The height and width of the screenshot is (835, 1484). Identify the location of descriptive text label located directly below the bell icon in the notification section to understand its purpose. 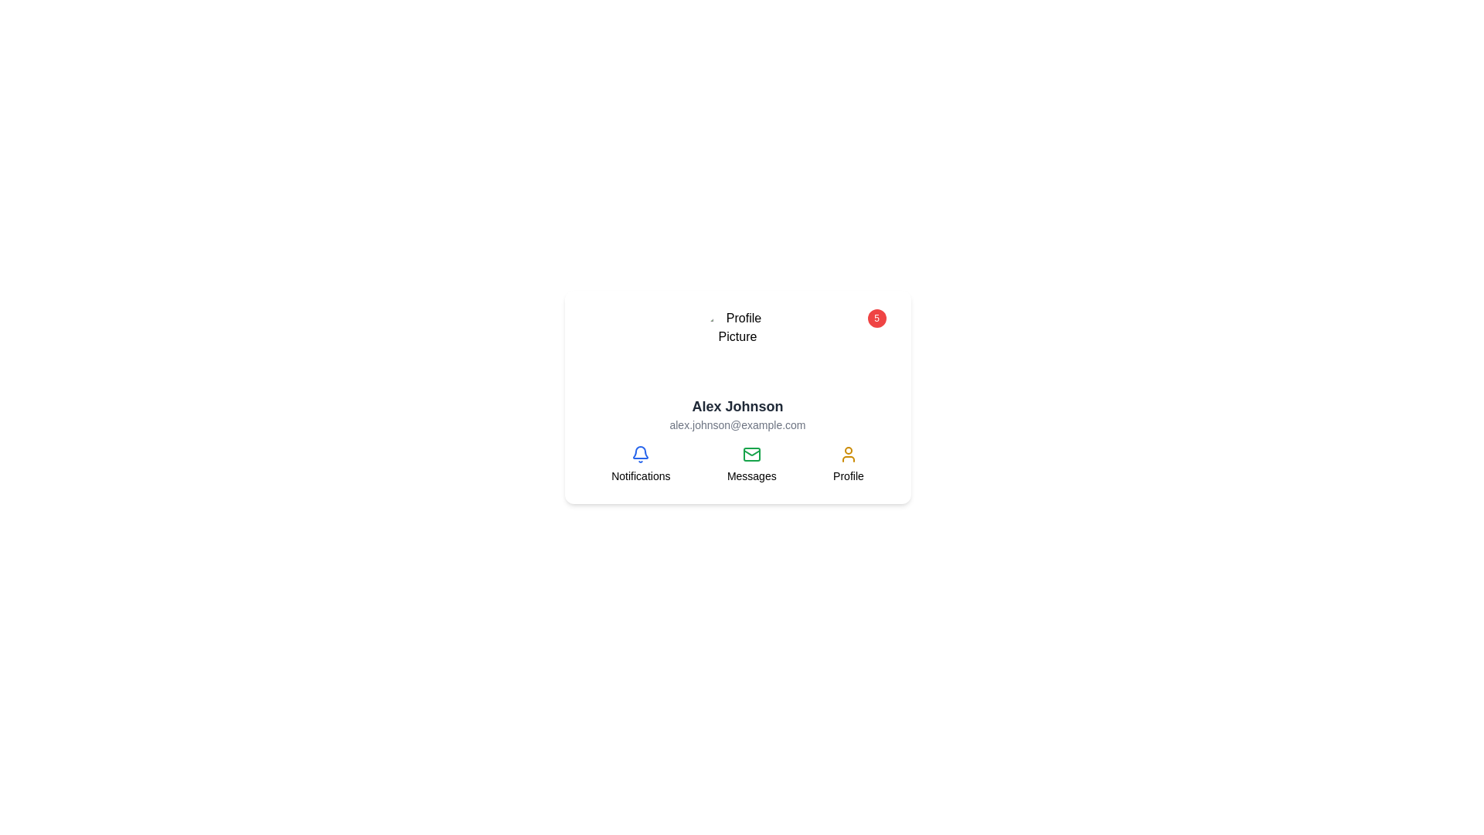
(641, 475).